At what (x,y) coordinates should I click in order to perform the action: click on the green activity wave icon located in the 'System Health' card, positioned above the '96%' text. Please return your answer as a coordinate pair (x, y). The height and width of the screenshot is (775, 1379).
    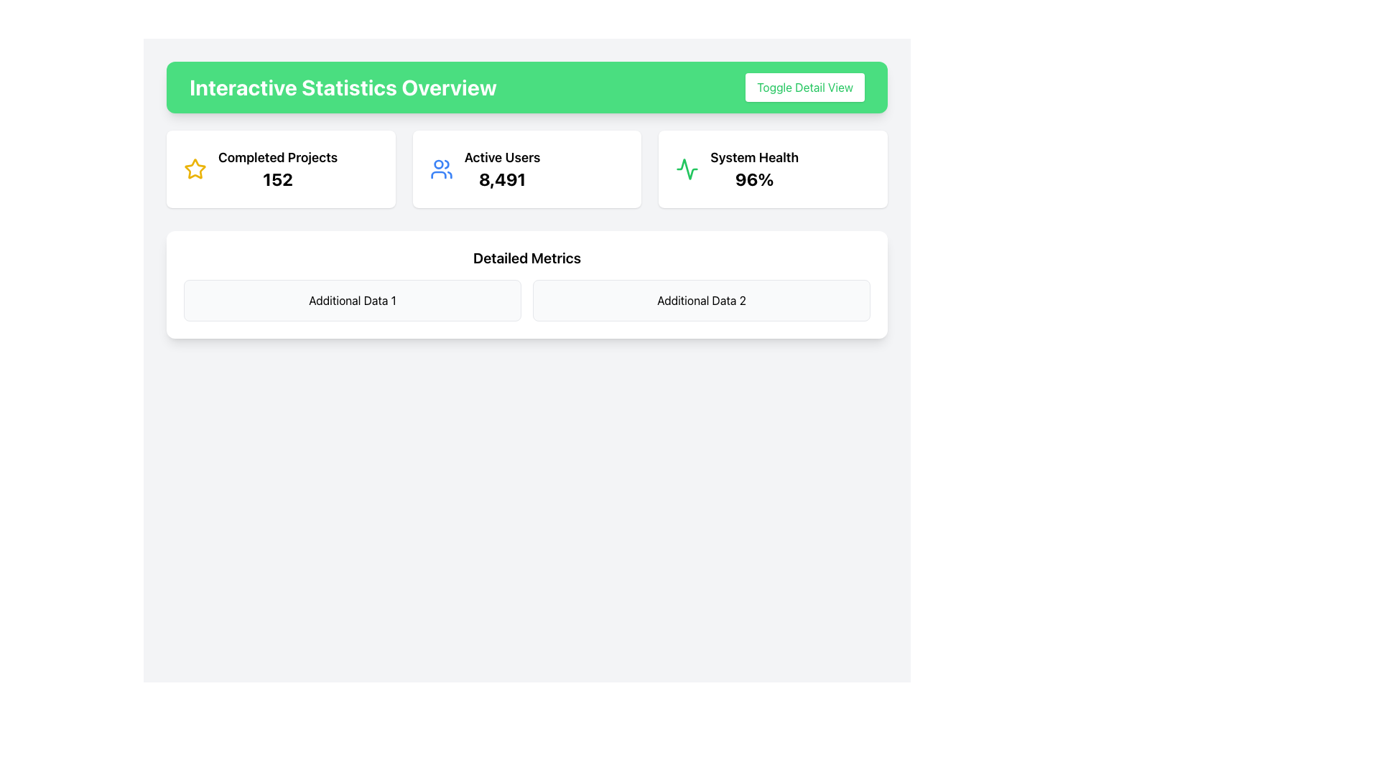
    Looking at the image, I should click on (687, 168).